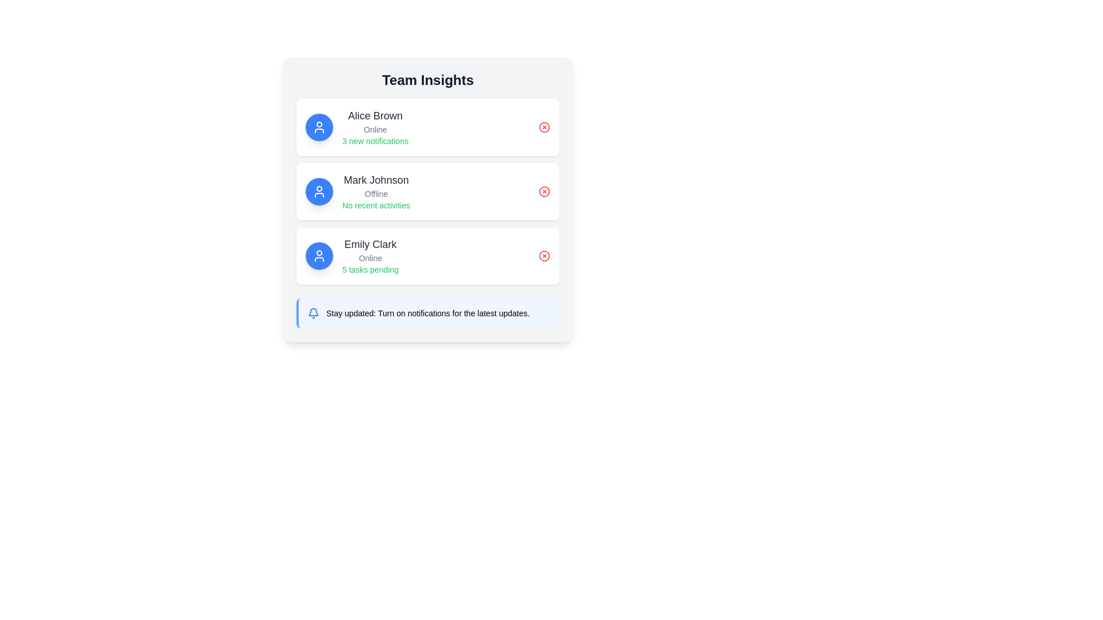 Image resolution: width=1103 pixels, height=620 pixels. What do you see at coordinates (371, 255) in the screenshot?
I see `the Text Display Block that shows user details, including name, online status, and pending tasks, located in the third card of the 'Team Insights' section, positioned next to a circular avatar icon` at bounding box center [371, 255].